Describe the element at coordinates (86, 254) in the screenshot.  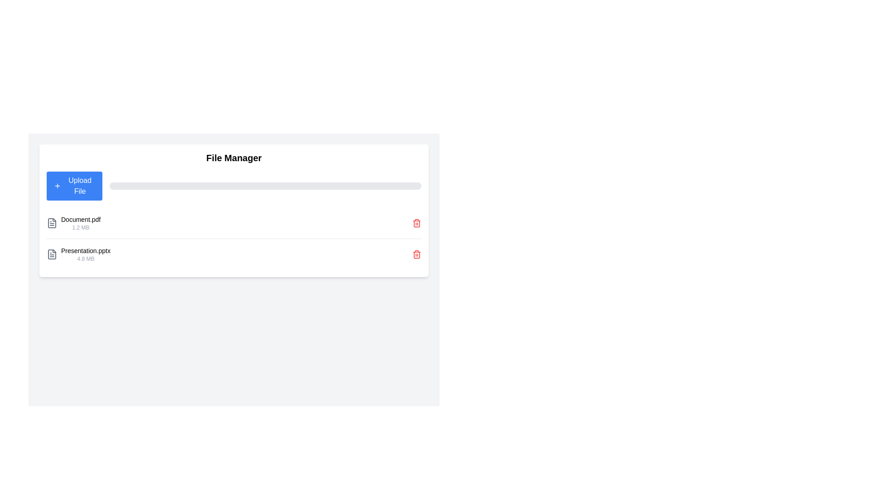
I see `the file entry for 'Presentation.pptx', which is located` at that location.